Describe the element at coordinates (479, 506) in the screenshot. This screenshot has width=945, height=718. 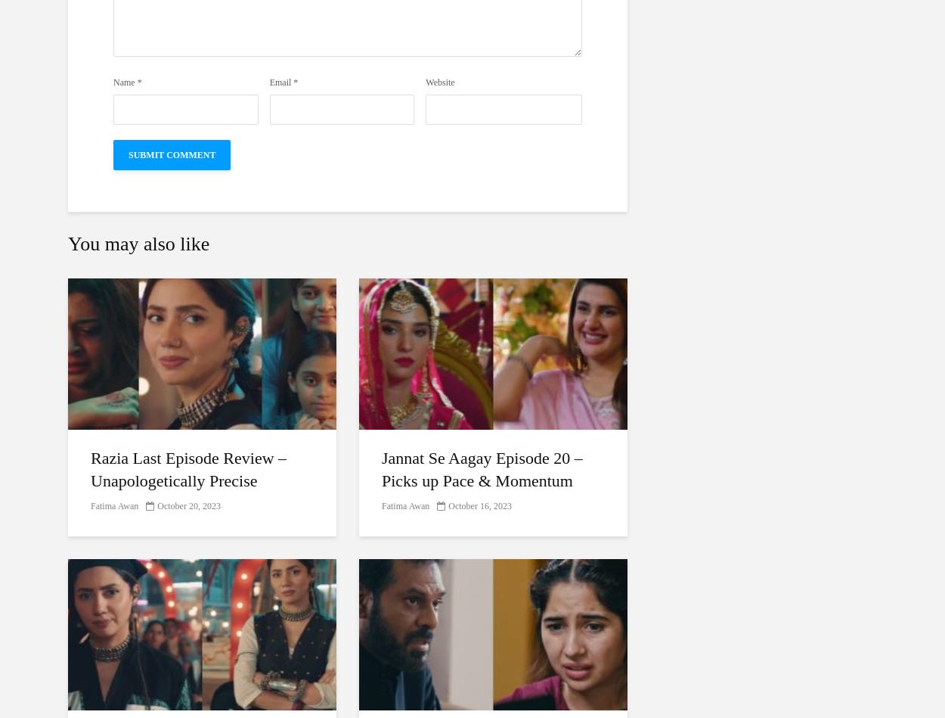
I see `'October 16, 2023'` at that location.